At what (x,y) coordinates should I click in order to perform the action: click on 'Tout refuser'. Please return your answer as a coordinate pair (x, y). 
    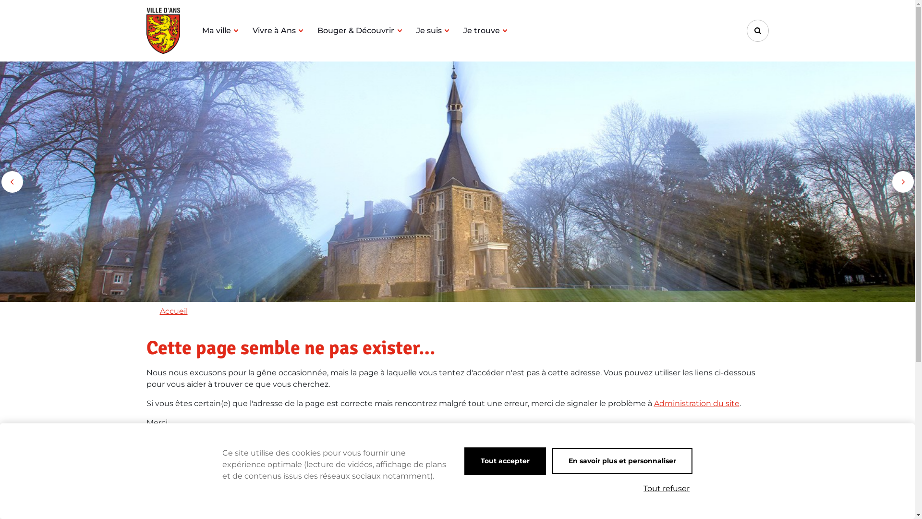
    Looking at the image, I should click on (666, 489).